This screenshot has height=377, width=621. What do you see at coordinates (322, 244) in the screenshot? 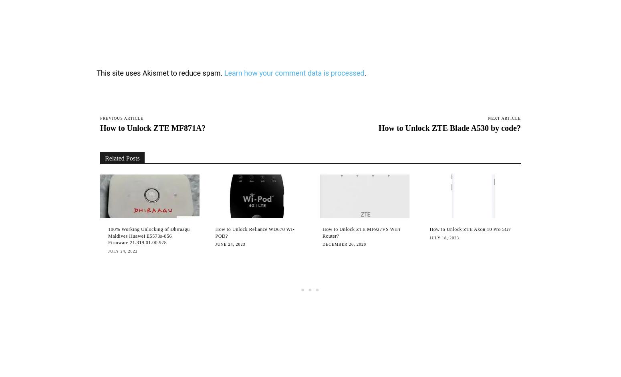
I see `'December 26, 2020'` at bounding box center [322, 244].